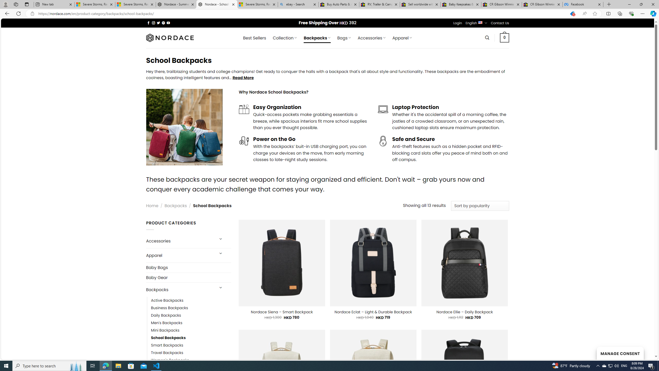 This screenshot has width=659, height=371. I want to click on 'Baby Gear', so click(188, 277).